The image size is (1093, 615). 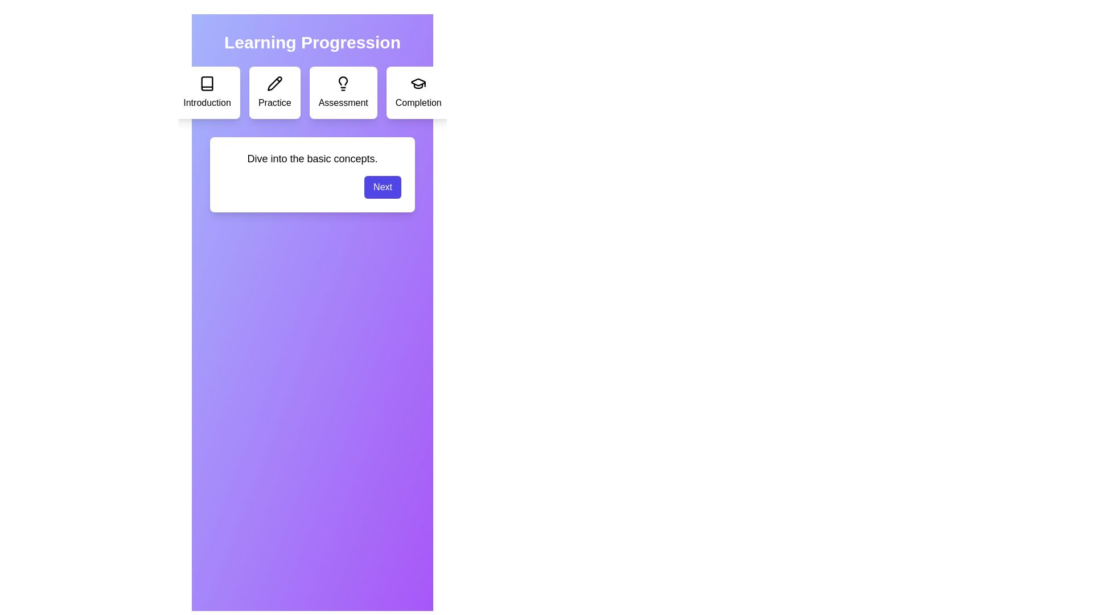 I want to click on the icon for the Practice step to inspect it, so click(x=274, y=83).